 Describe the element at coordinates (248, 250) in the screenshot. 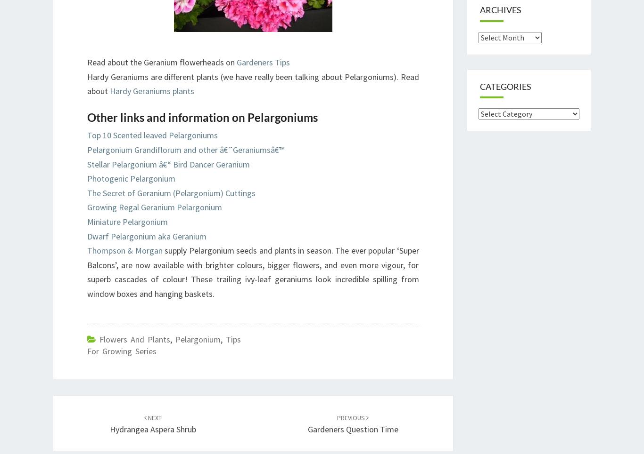

I see `'supply Pelargonium seeds and plants in season.'` at that location.